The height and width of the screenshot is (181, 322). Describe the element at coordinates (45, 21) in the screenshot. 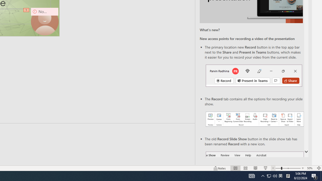

I see `'Camera 9, No camera detected.'` at that location.